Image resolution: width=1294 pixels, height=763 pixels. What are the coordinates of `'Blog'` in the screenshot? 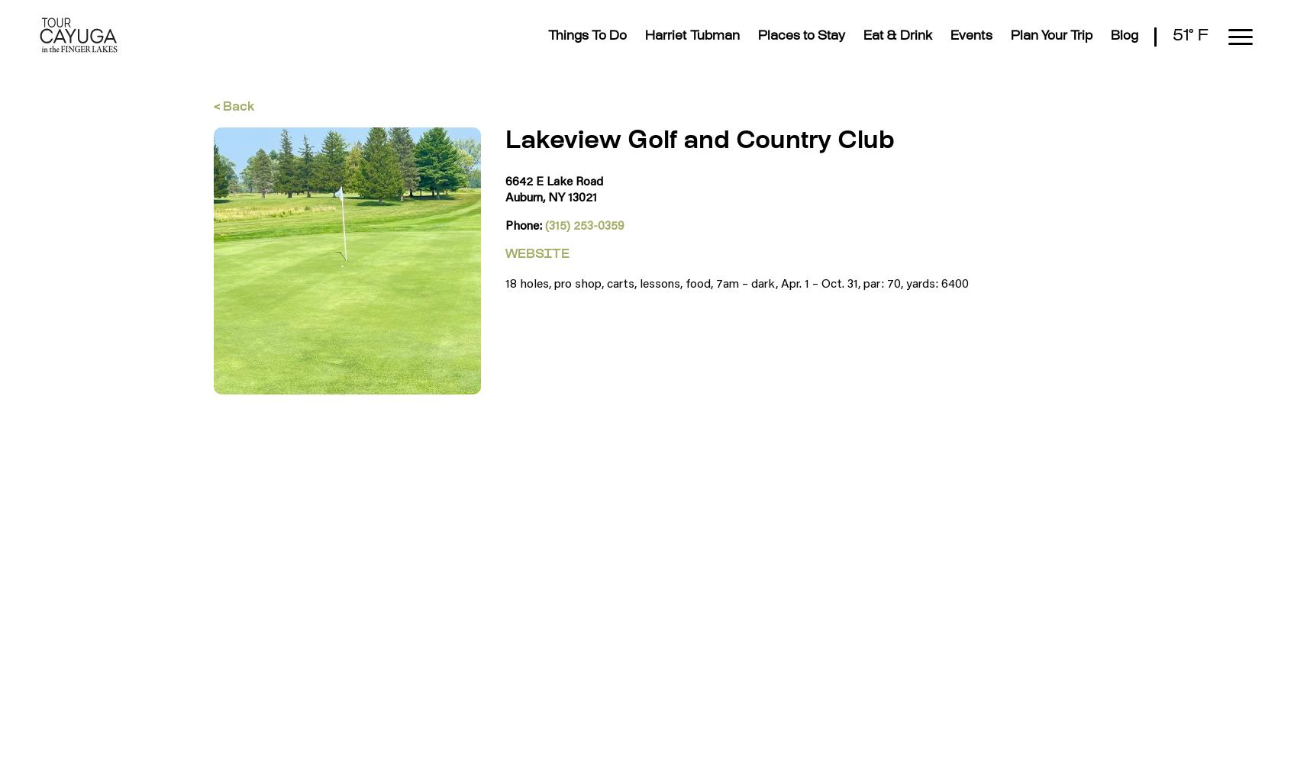 It's located at (1124, 36).